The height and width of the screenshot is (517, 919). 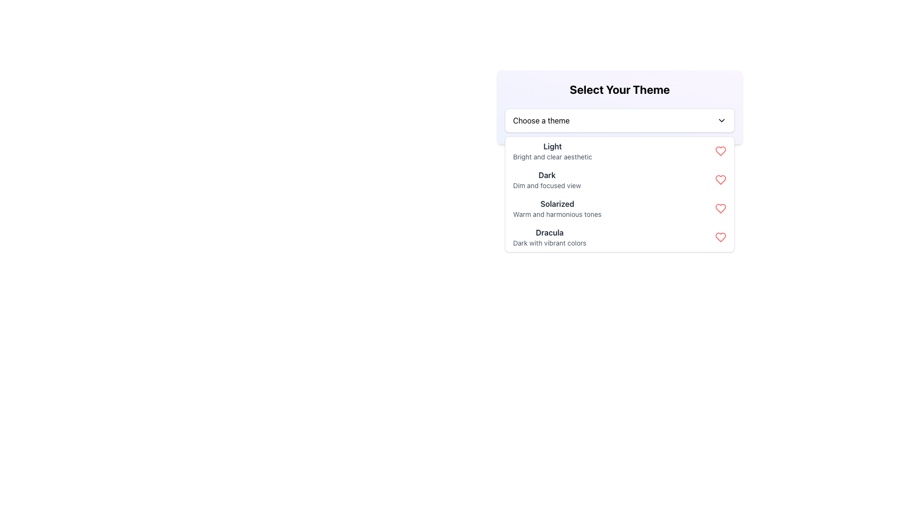 What do you see at coordinates (721, 208) in the screenshot?
I see `the heart-shaped icon at the far-right end of the 'Solarized' theme option` at bounding box center [721, 208].